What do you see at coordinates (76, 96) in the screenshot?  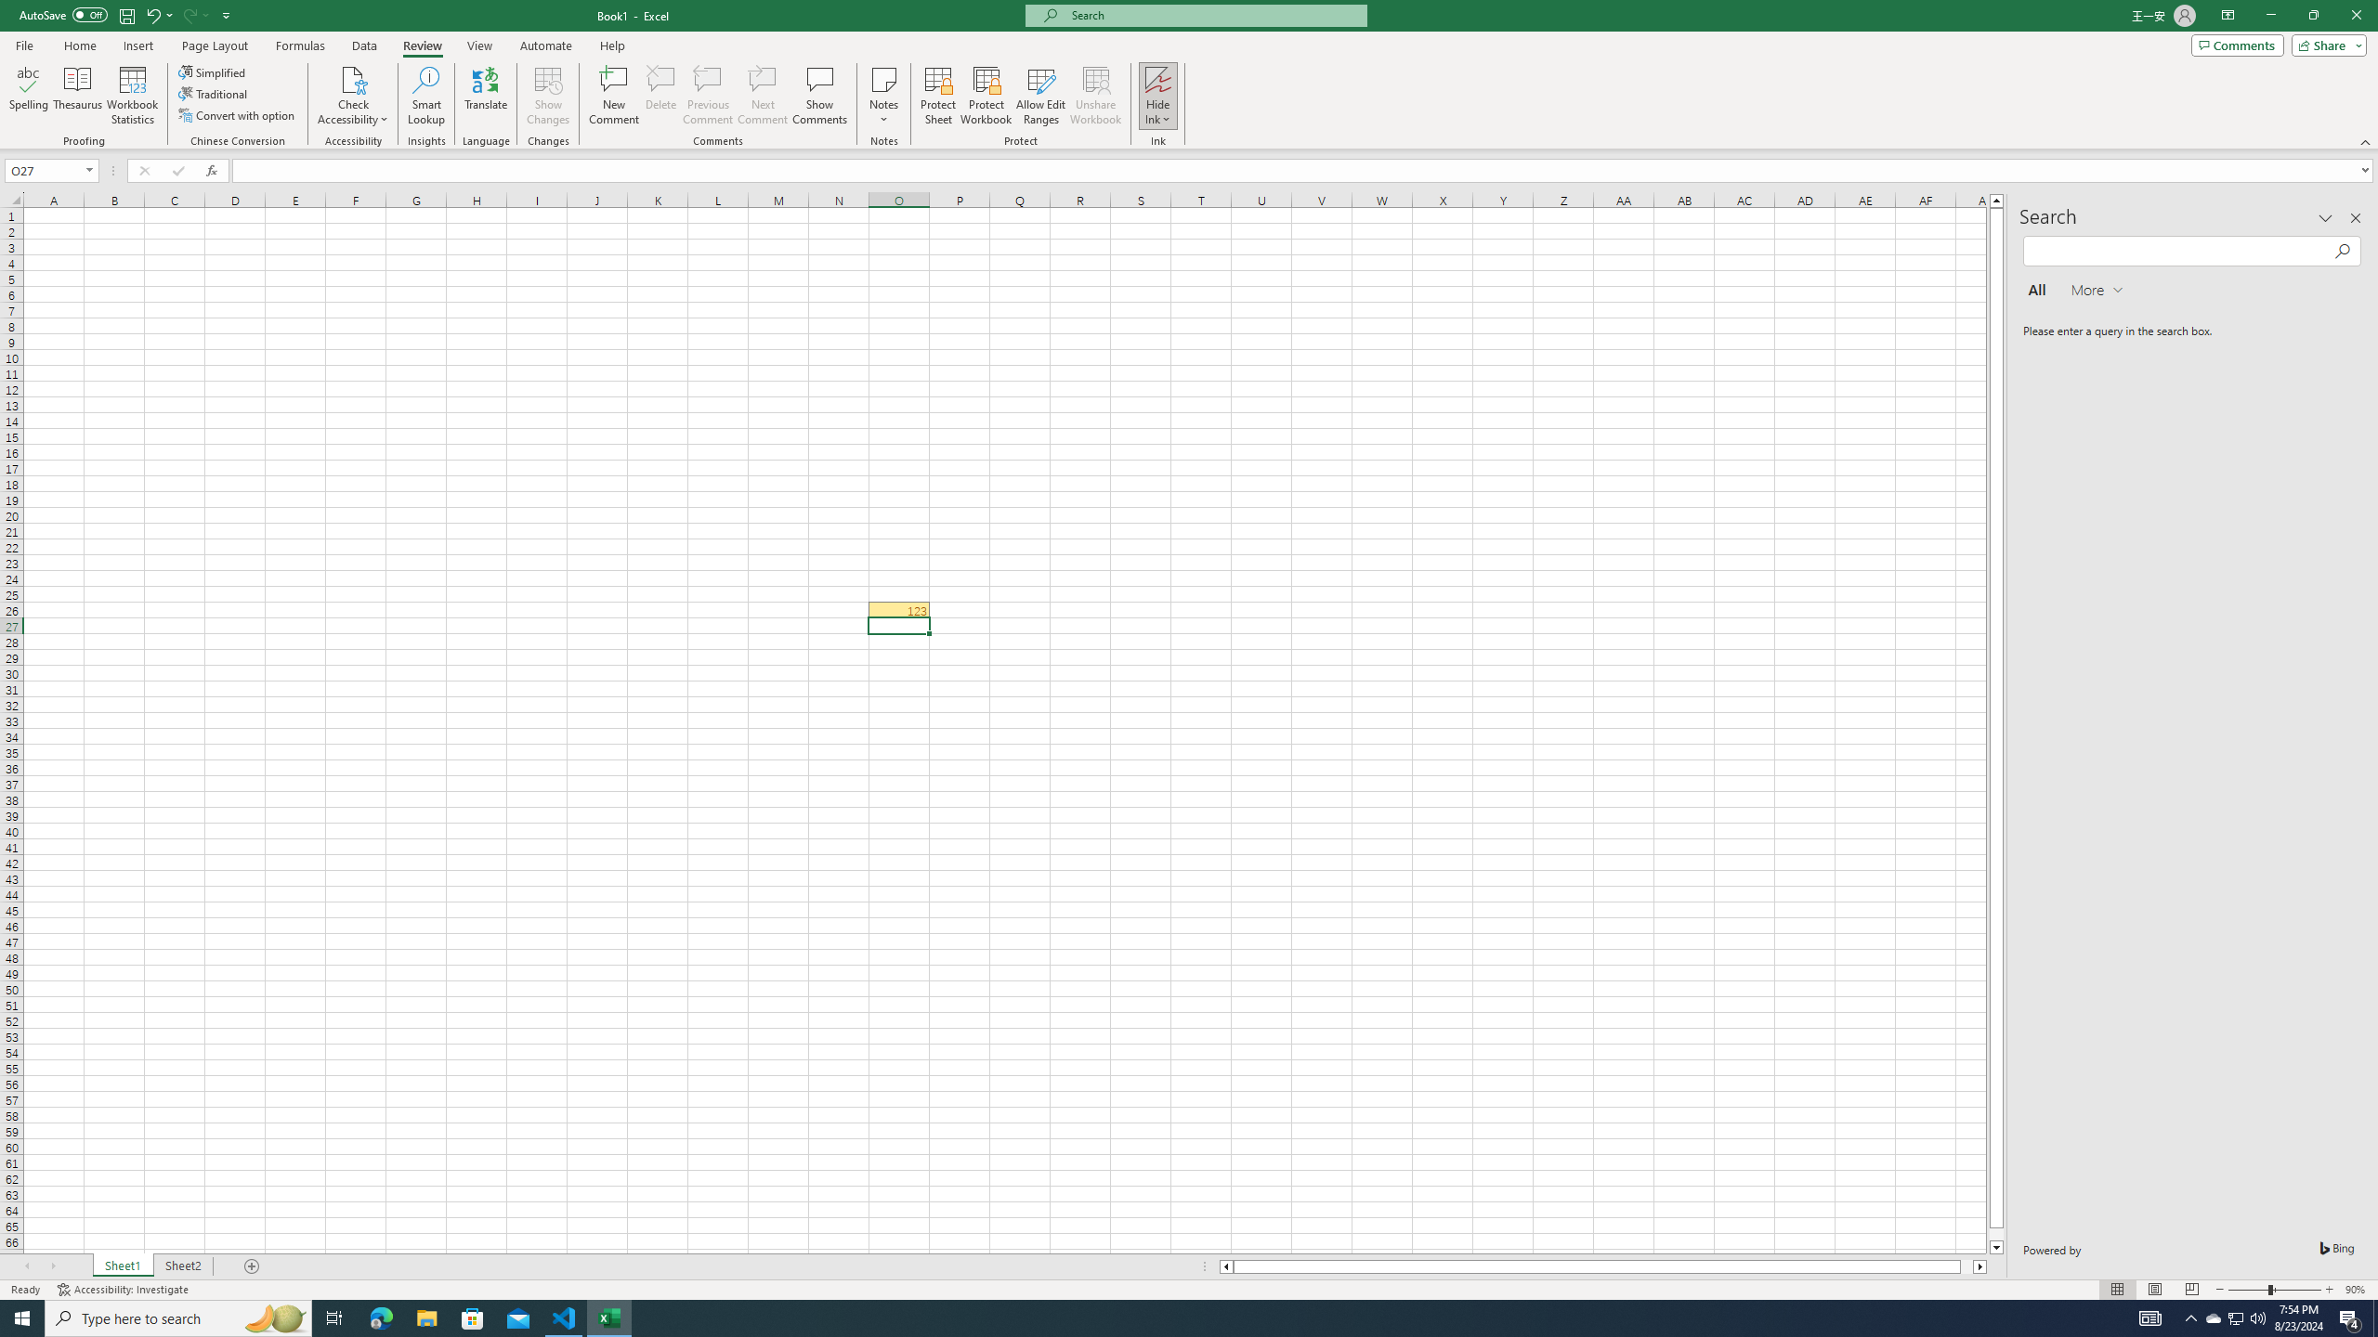 I see `'Thesaurus...'` at bounding box center [76, 96].